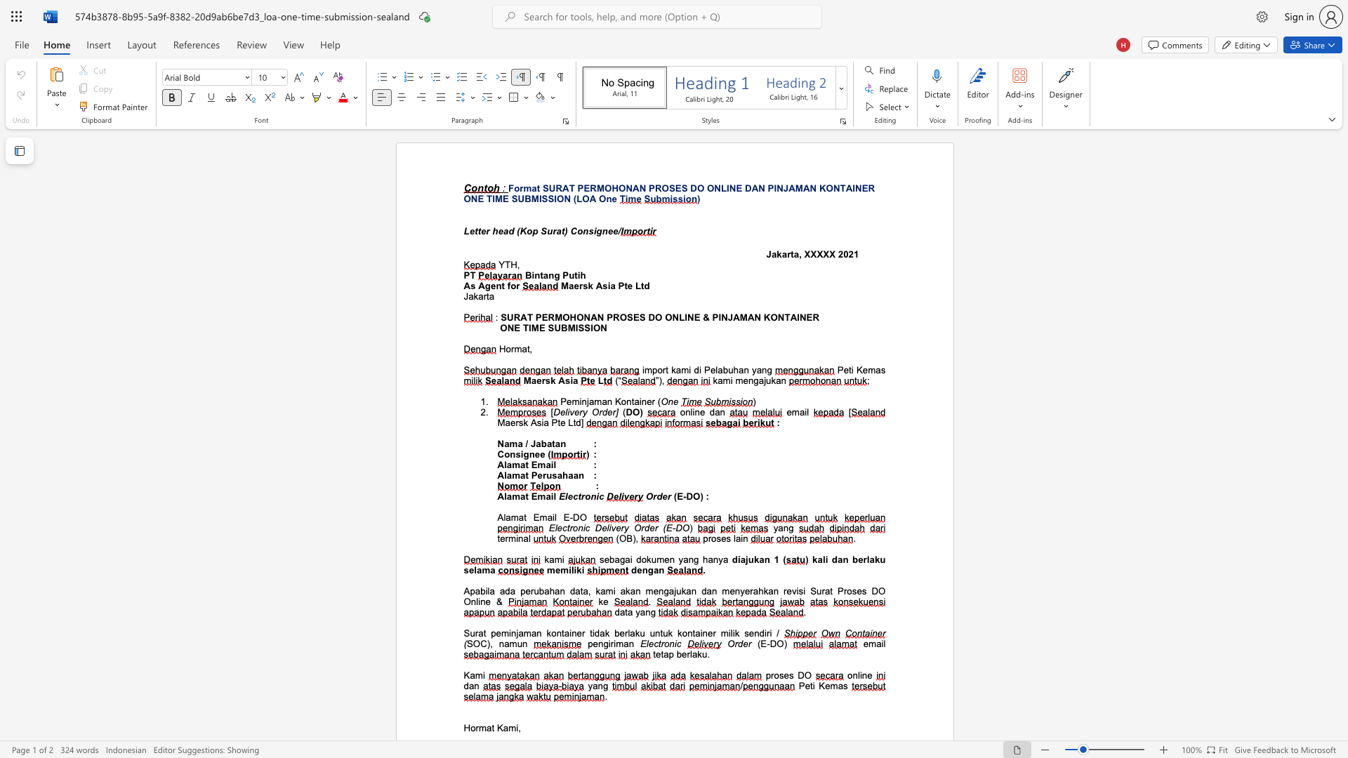  Describe the element at coordinates (490, 285) in the screenshot. I see `the space between the continuous character "g" and "e" in the text` at that location.